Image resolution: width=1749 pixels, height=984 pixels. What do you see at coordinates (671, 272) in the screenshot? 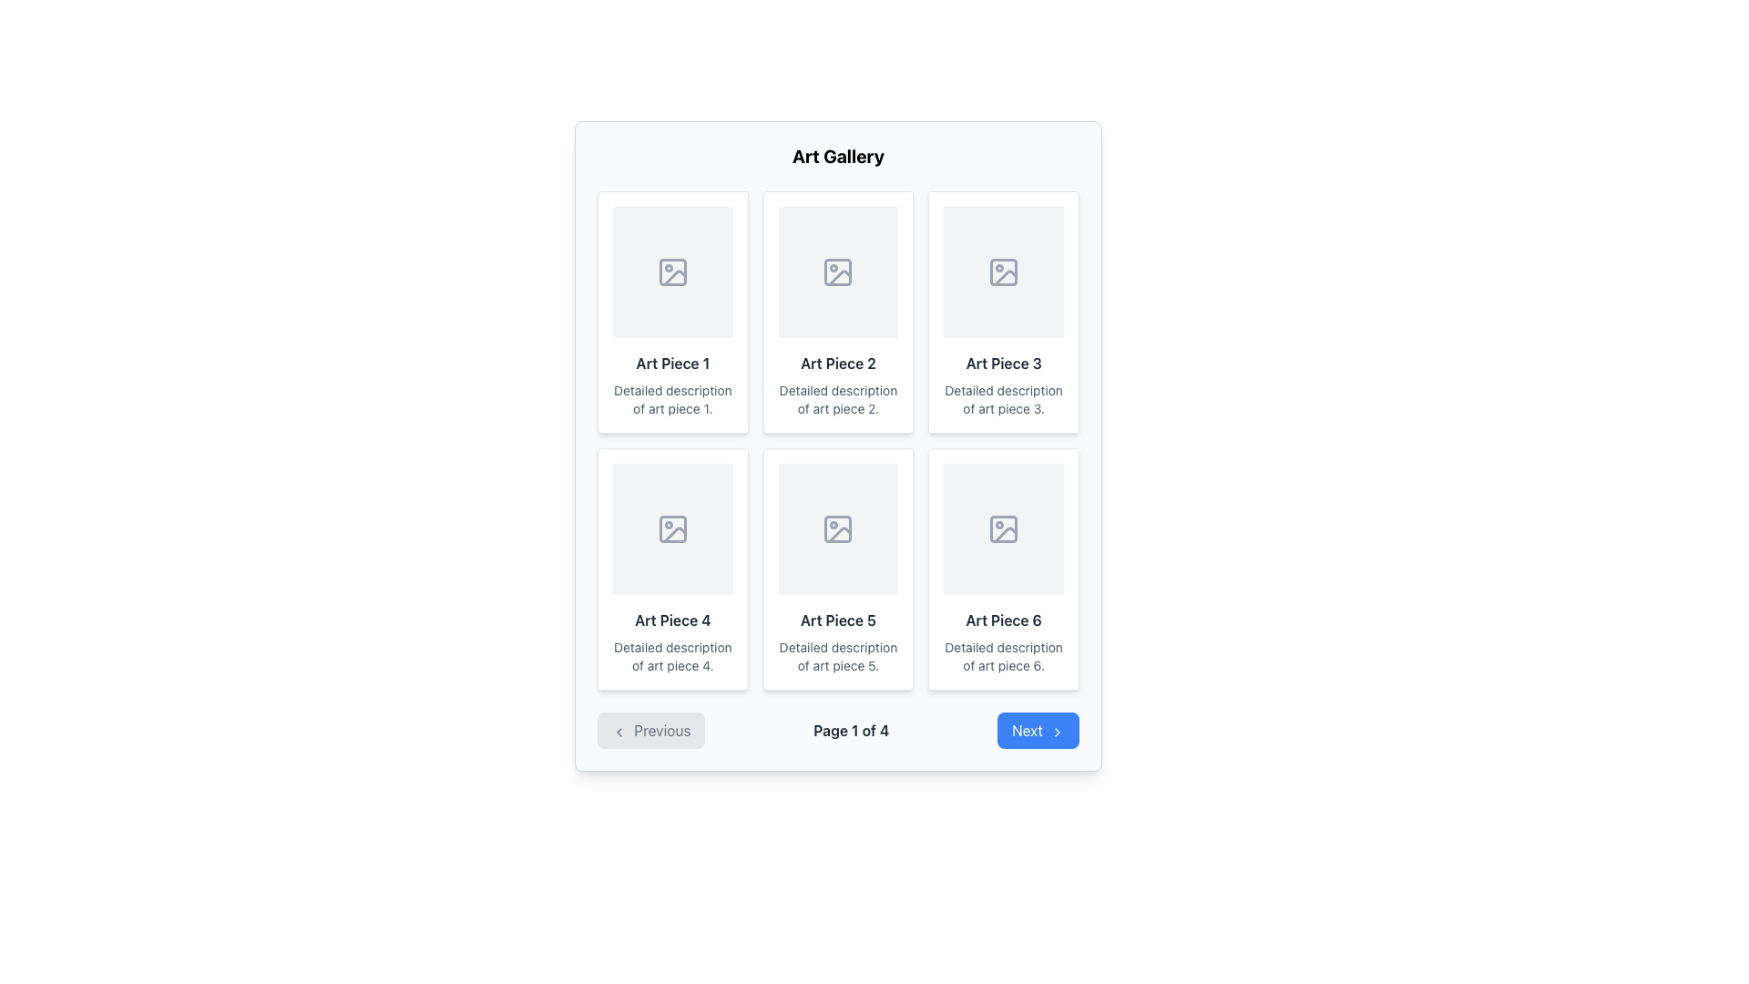
I see `the Image Placeholder for 'Art Piece 1', which is located at the top-left corner of the grid listing art pieces, above the text 'Art Piece 1' and its description` at bounding box center [671, 272].